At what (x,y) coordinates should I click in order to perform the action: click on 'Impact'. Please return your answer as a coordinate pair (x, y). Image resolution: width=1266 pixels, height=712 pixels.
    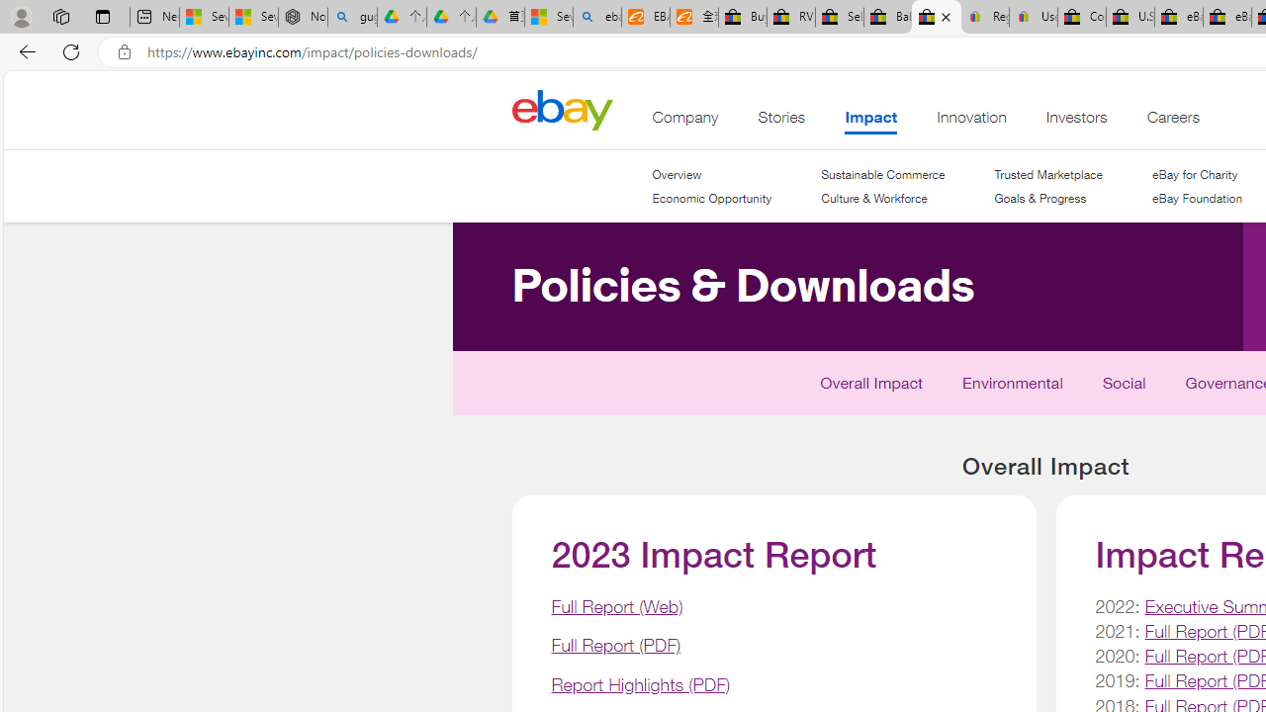
    Looking at the image, I should click on (870, 122).